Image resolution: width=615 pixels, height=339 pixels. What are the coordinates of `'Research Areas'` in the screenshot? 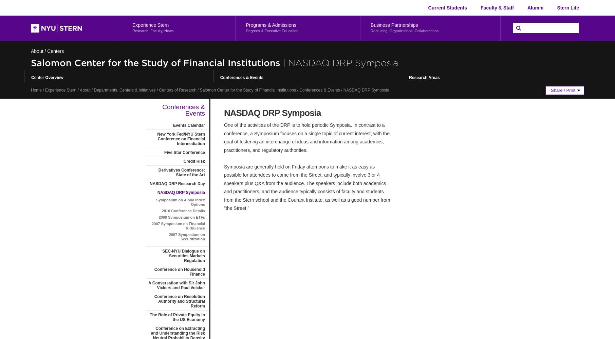 It's located at (424, 77).